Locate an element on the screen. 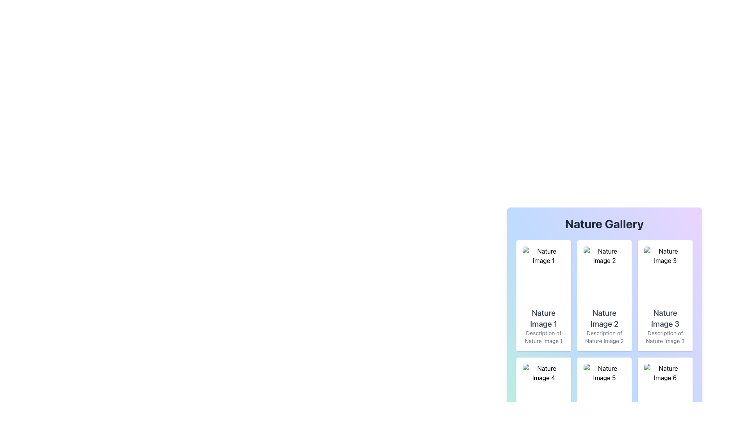 This screenshot has height=422, width=750. text from the Text Label located in the Nature Gallery section, which identifies or provides context for the image displayed above it is located at coordinates (665, 318).